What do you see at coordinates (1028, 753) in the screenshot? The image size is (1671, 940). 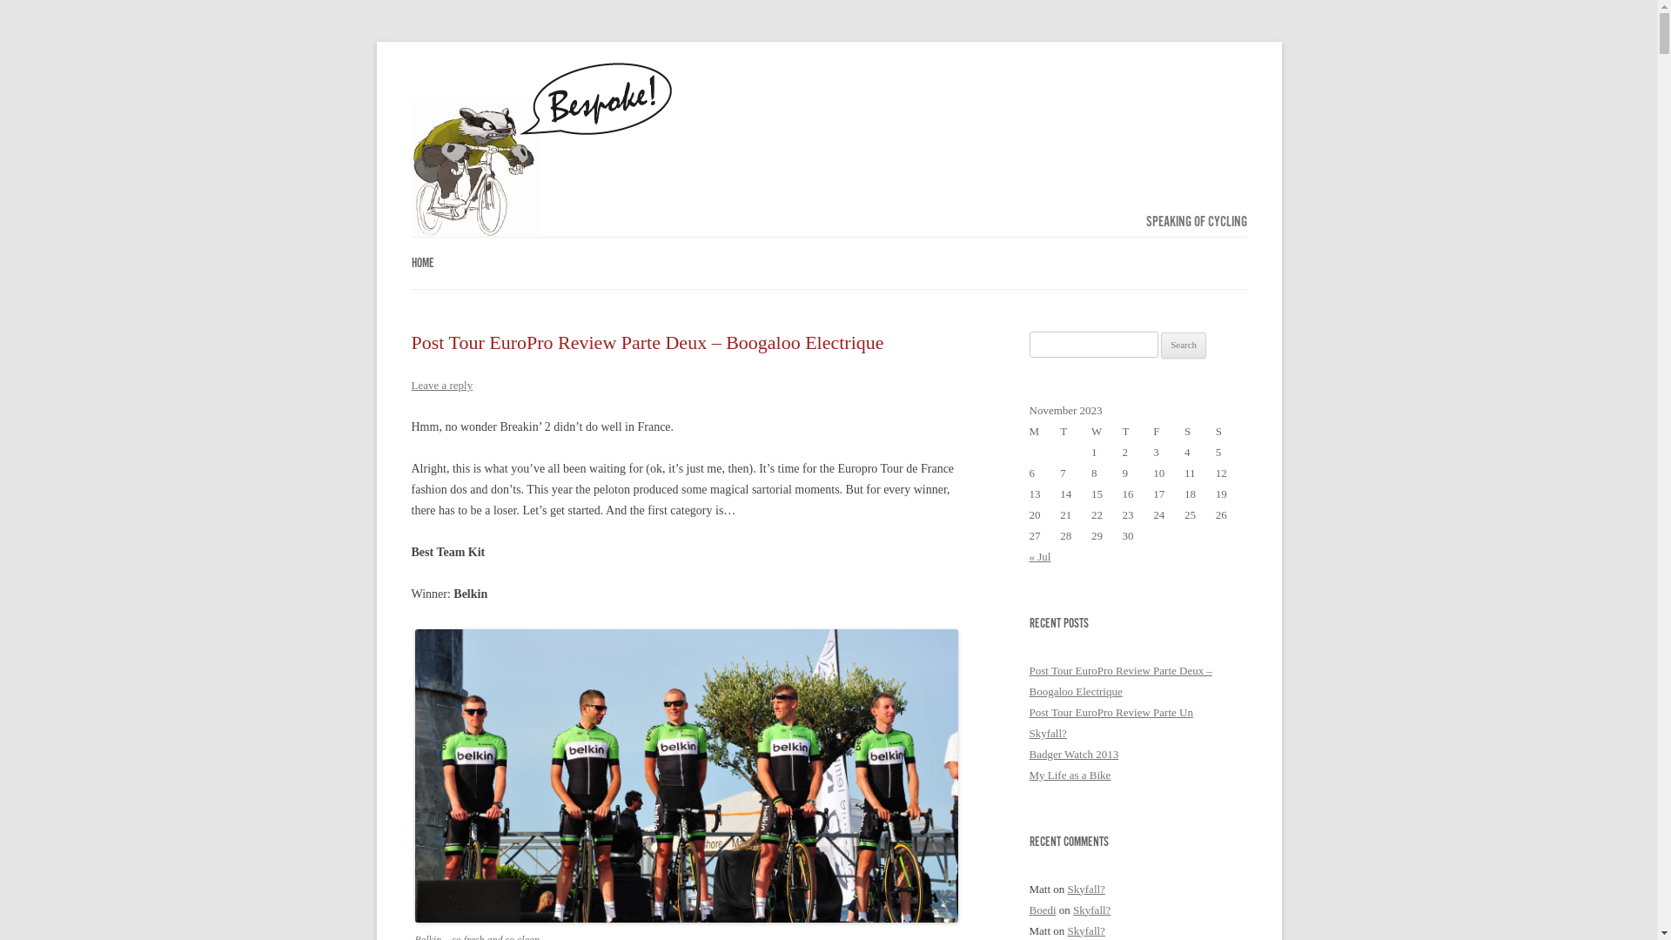 I see `'Badger Watch 2013'` at bounding box center [1028, 753].